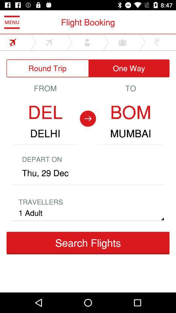  Describe the element at coordinates (88, 118) in the screenshot. I see `the right arrow button` at that location.